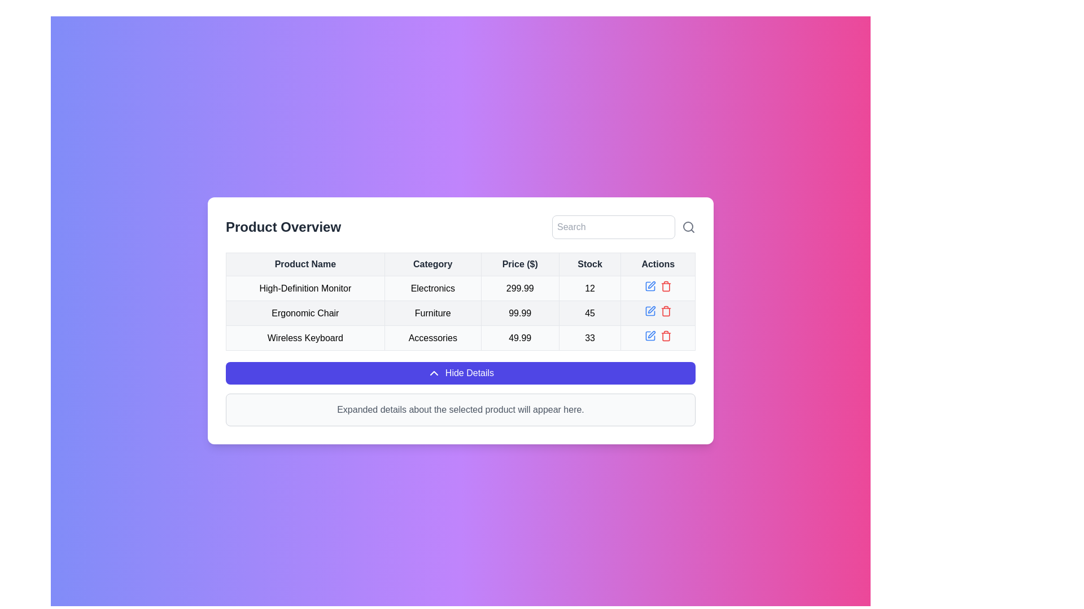 Image resolution: width=1084 pixels, height=609 pixels. I want to click on the trash bin button in the 'Actions' column to change its color, which is associated with the 'Wireless Keyboard' entry, so click(666, 336).